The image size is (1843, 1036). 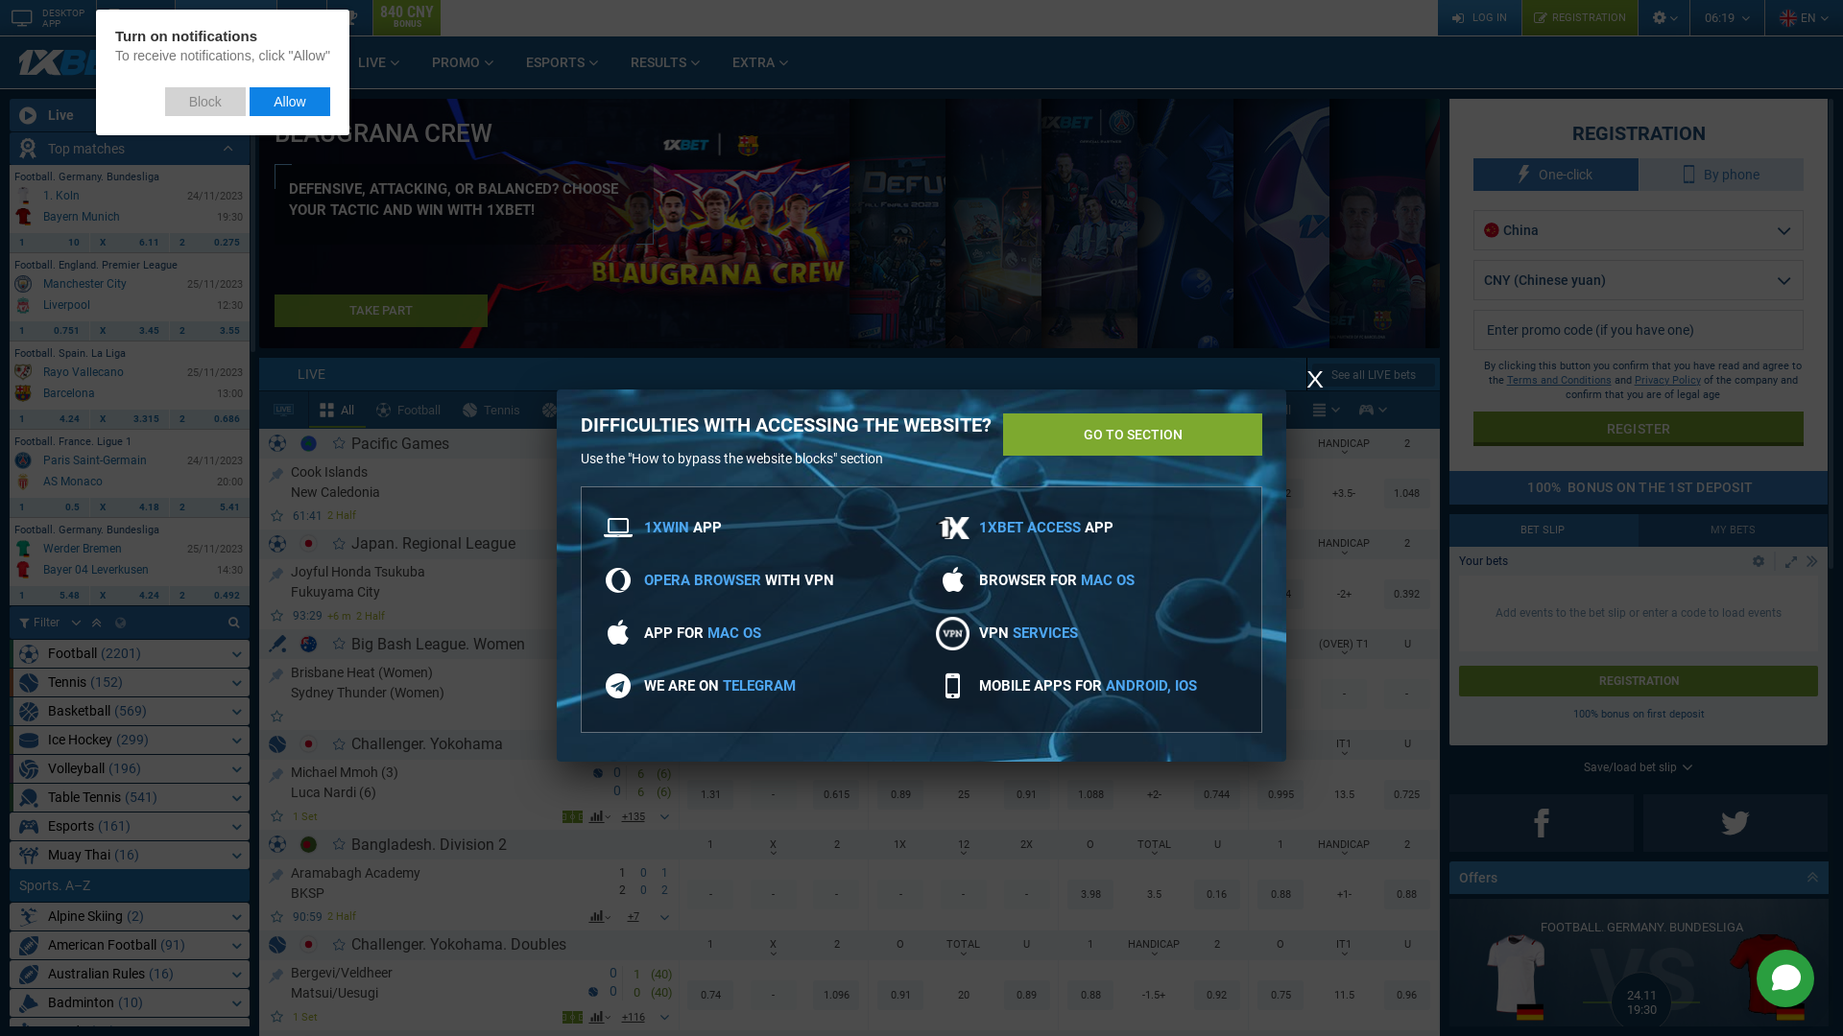 I want to click on 'REGISTRATION', so click(x=1579, y=17).